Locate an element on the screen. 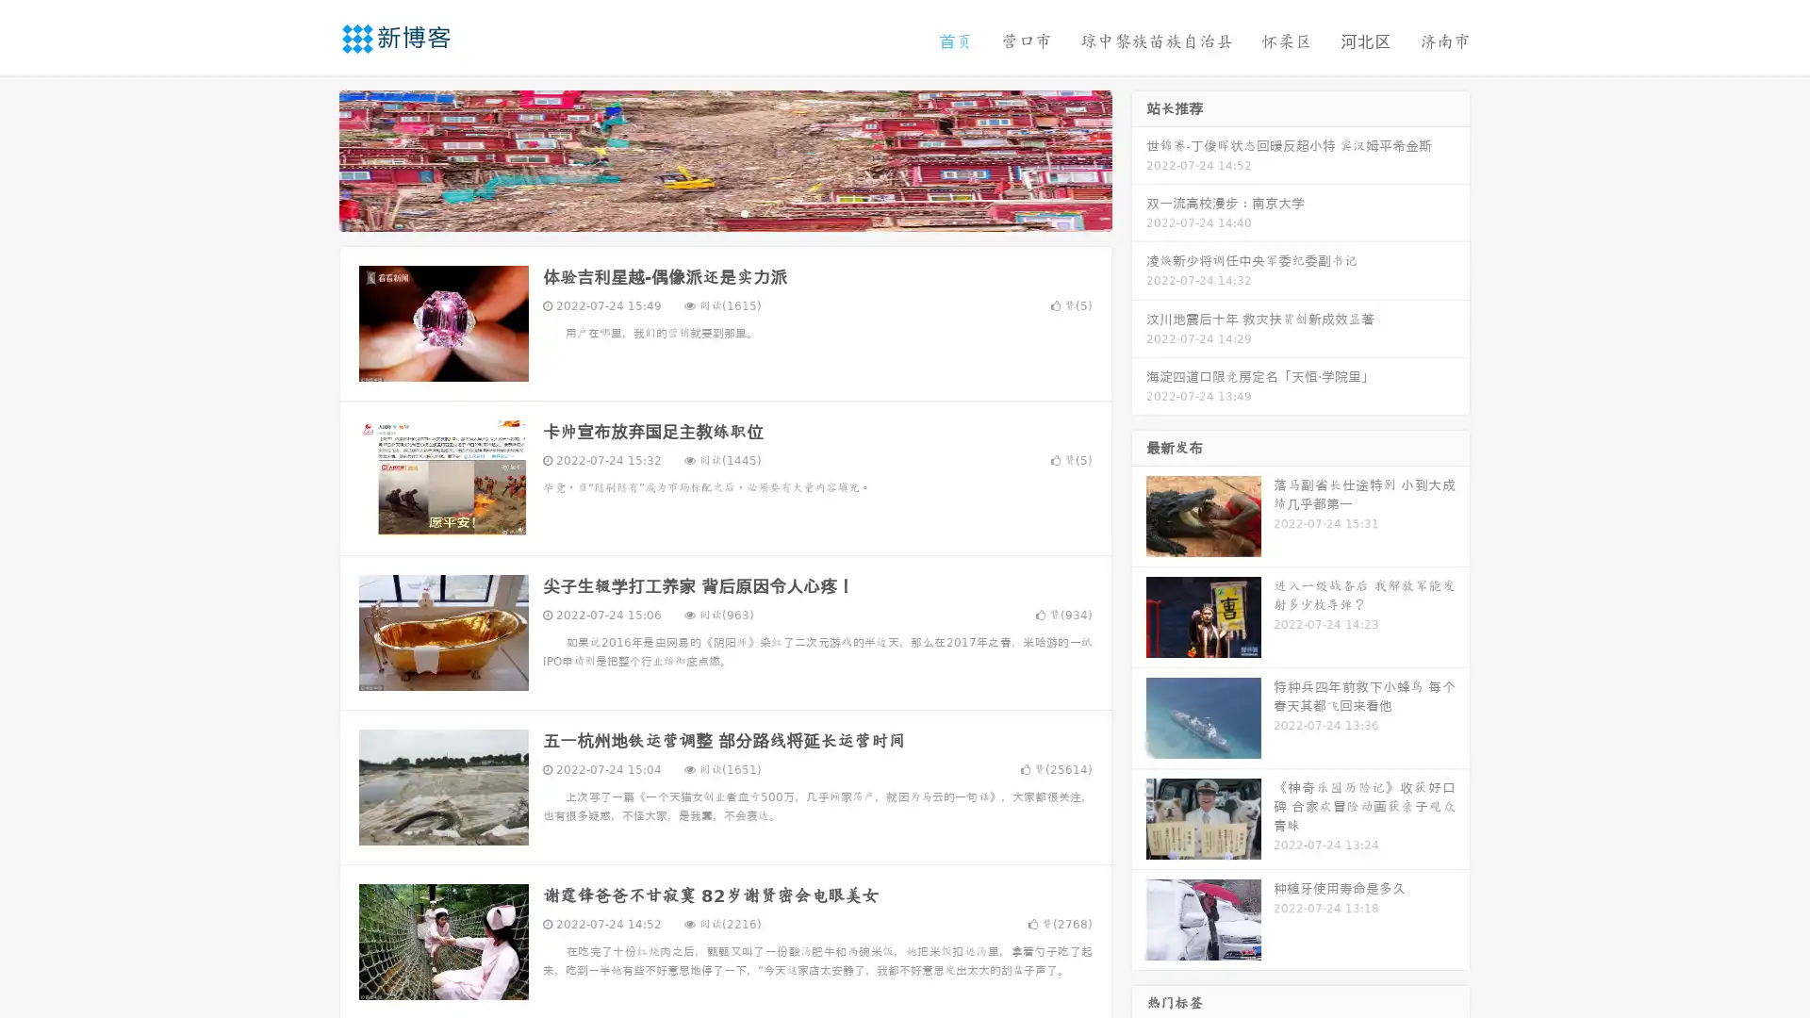 Image resolution: width=1810 pixels, height=1018 pixels. Go to slide 1 is located at coordinates (705, 212).